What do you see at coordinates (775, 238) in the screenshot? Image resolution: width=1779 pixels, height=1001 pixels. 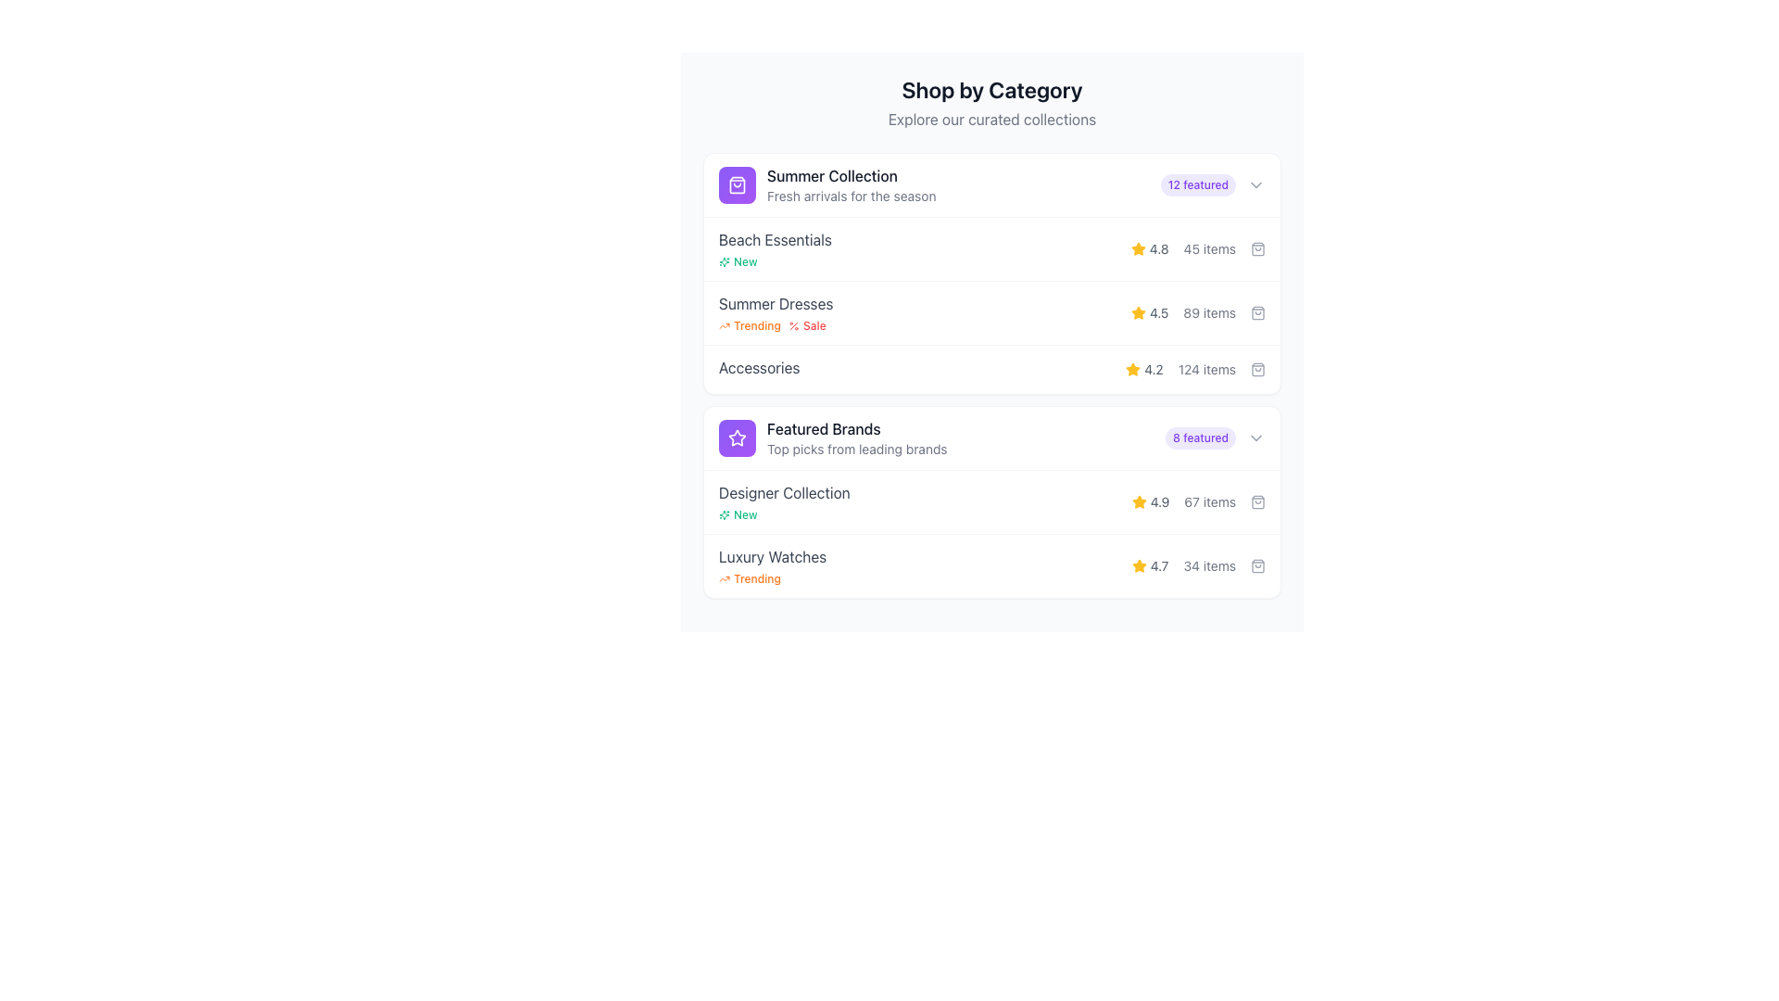 I see `the Text Label representing a category in the 'Summer Collection' section, located above the label 'New'` at bounding box center [775, 238].